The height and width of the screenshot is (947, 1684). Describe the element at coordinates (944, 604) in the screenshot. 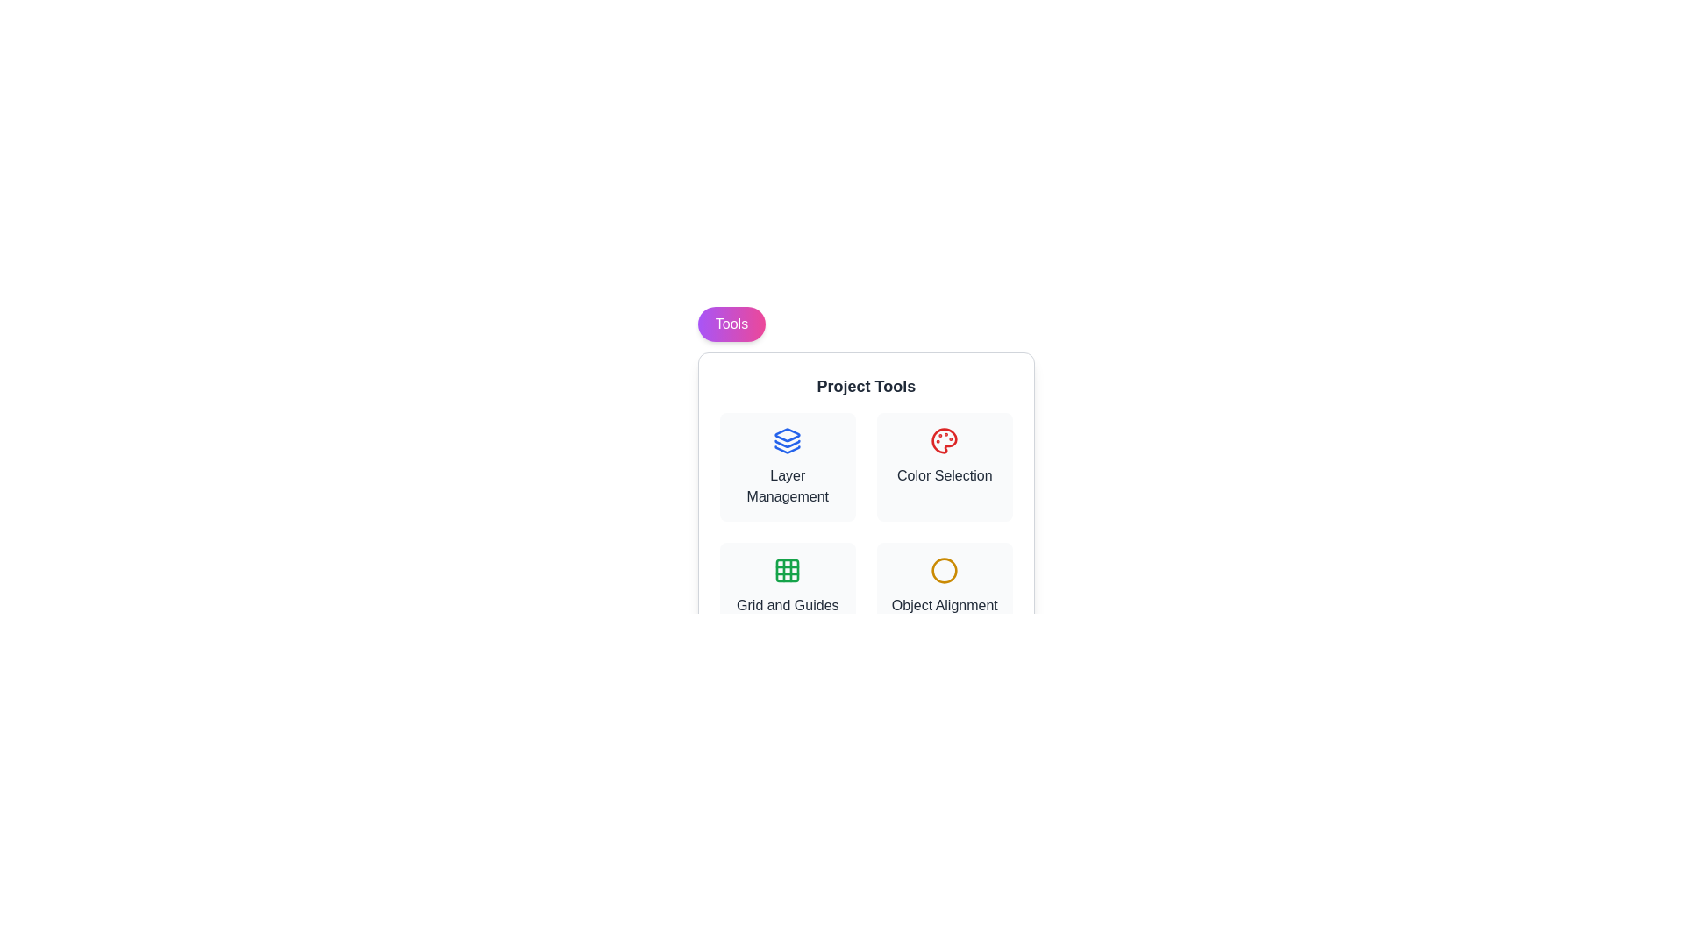

I see `the 'Object Alignment' text label, which is styled in gray with medium font weight and located centrally below an icon in the bottom right section of the interface` at that location.